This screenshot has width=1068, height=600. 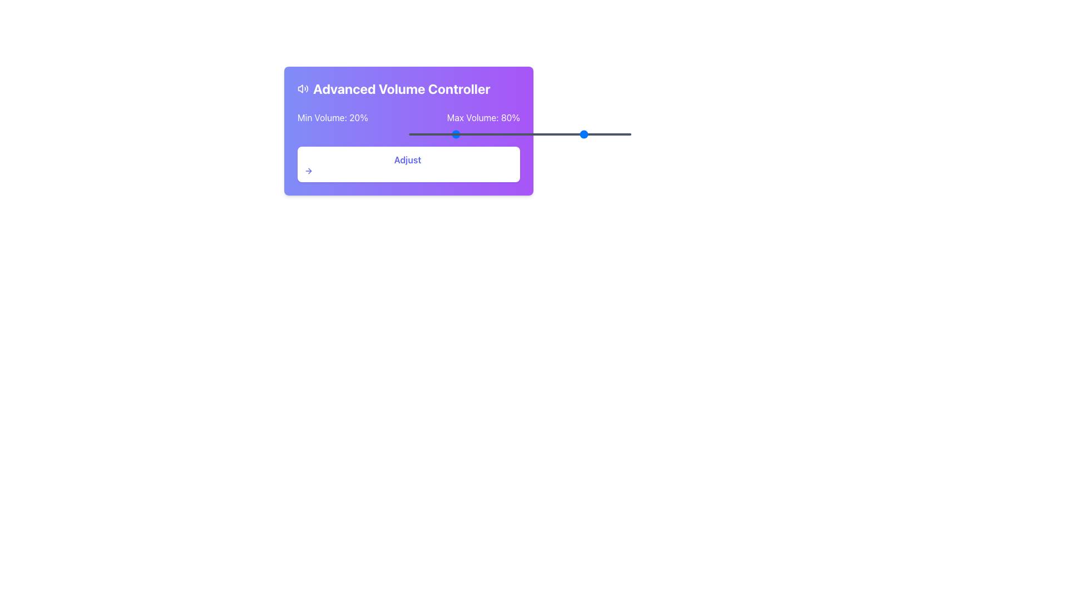 What do you see at coordinates (540, 134) in the screenshot?
I see `the slider` at bounding box center [540, 134].